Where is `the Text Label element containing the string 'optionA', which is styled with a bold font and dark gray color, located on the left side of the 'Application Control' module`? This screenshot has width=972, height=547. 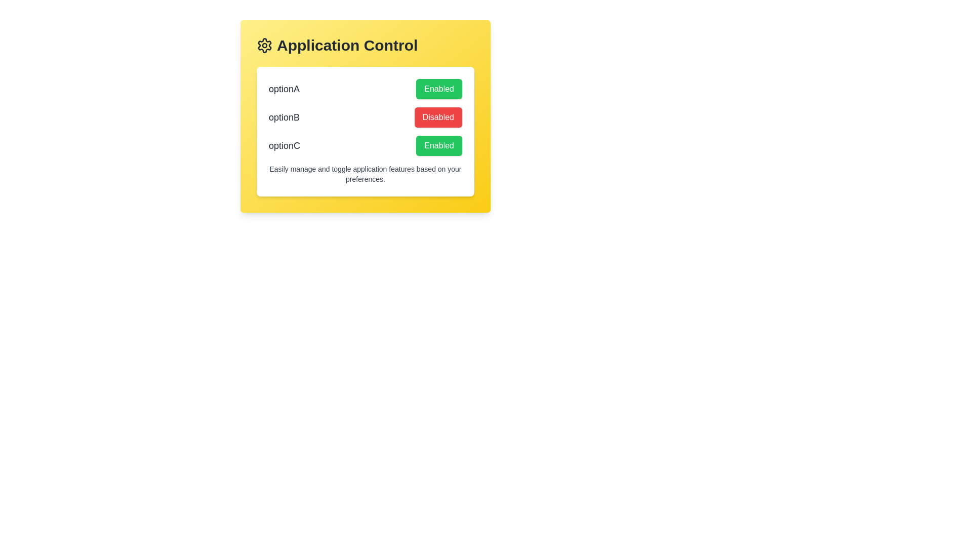
the Text Label element containing the string 'optionA', which is styled with a bold font and dark gray color, located on the left side of the 'Application Control' module is located at coordinates (283, 89).